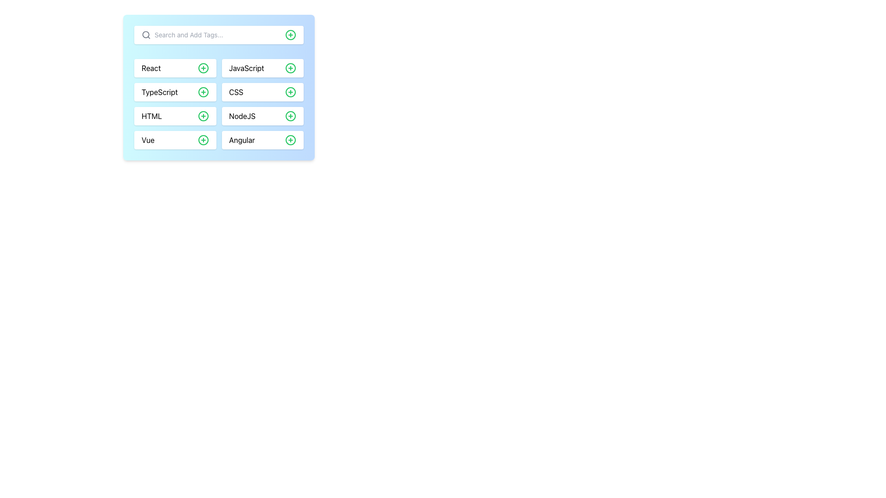 Image resolution: width=886 pixels, height=498 pixels. Describe the element at coordinates (290, 92) in the screenshot. I see `the green circular outline SVG icon located within the 'CSS' label button in the grid, positioned centrally in the second column and second row` at that location.